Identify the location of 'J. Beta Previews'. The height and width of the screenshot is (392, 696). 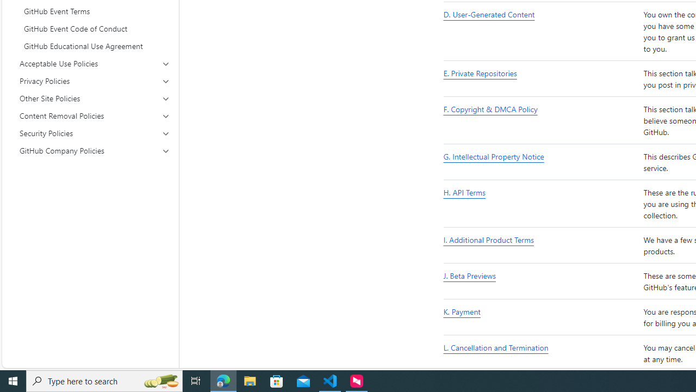
(541, 281).